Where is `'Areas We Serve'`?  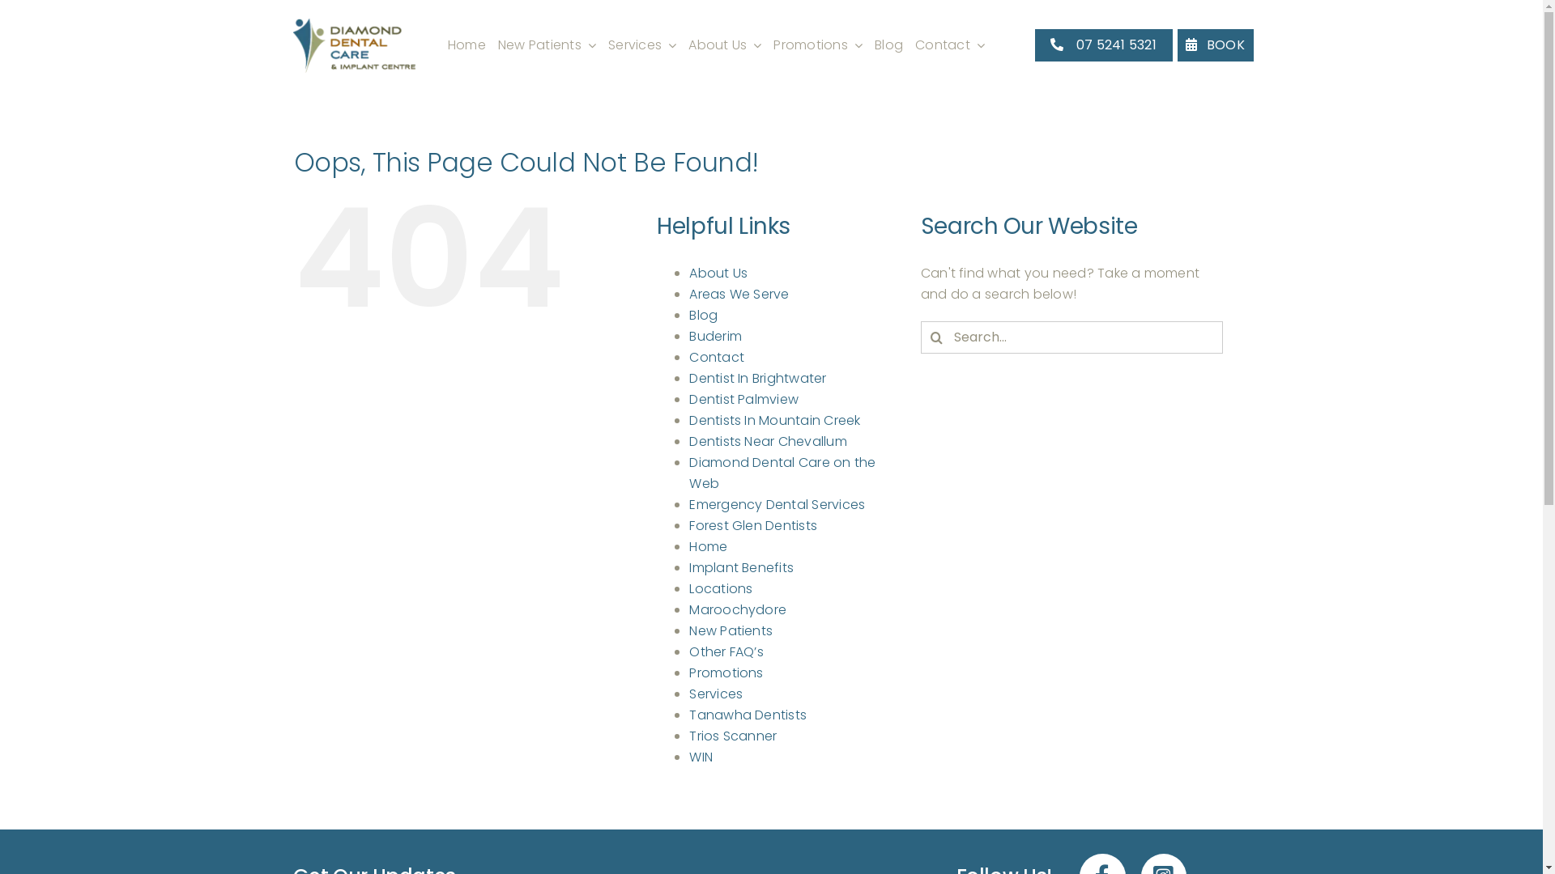
'Areas We Serve' is located at coordinates (688, 294).